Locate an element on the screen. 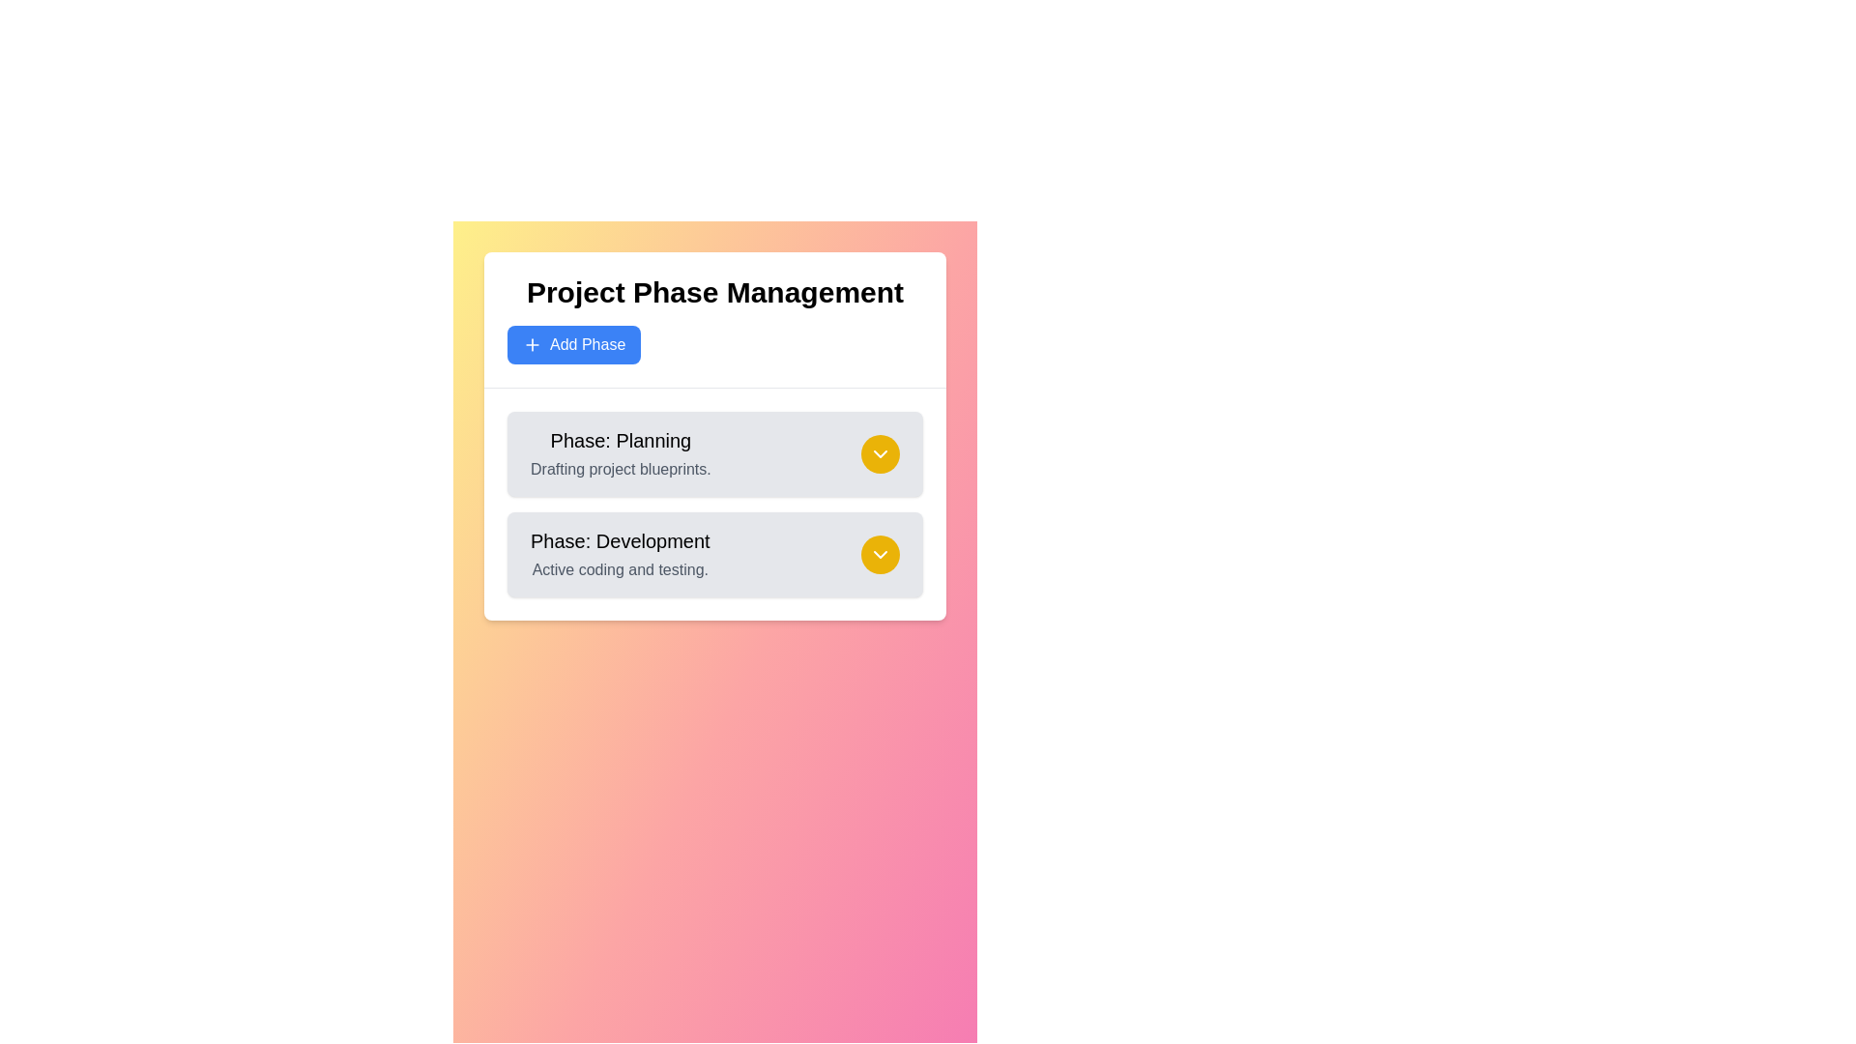 Image resolution: width=1856 pixels, height=1044 pixels. the dropdown toggler button located on the far-right side of the 'Phase: Development' section is located at coordinates (880, 555).